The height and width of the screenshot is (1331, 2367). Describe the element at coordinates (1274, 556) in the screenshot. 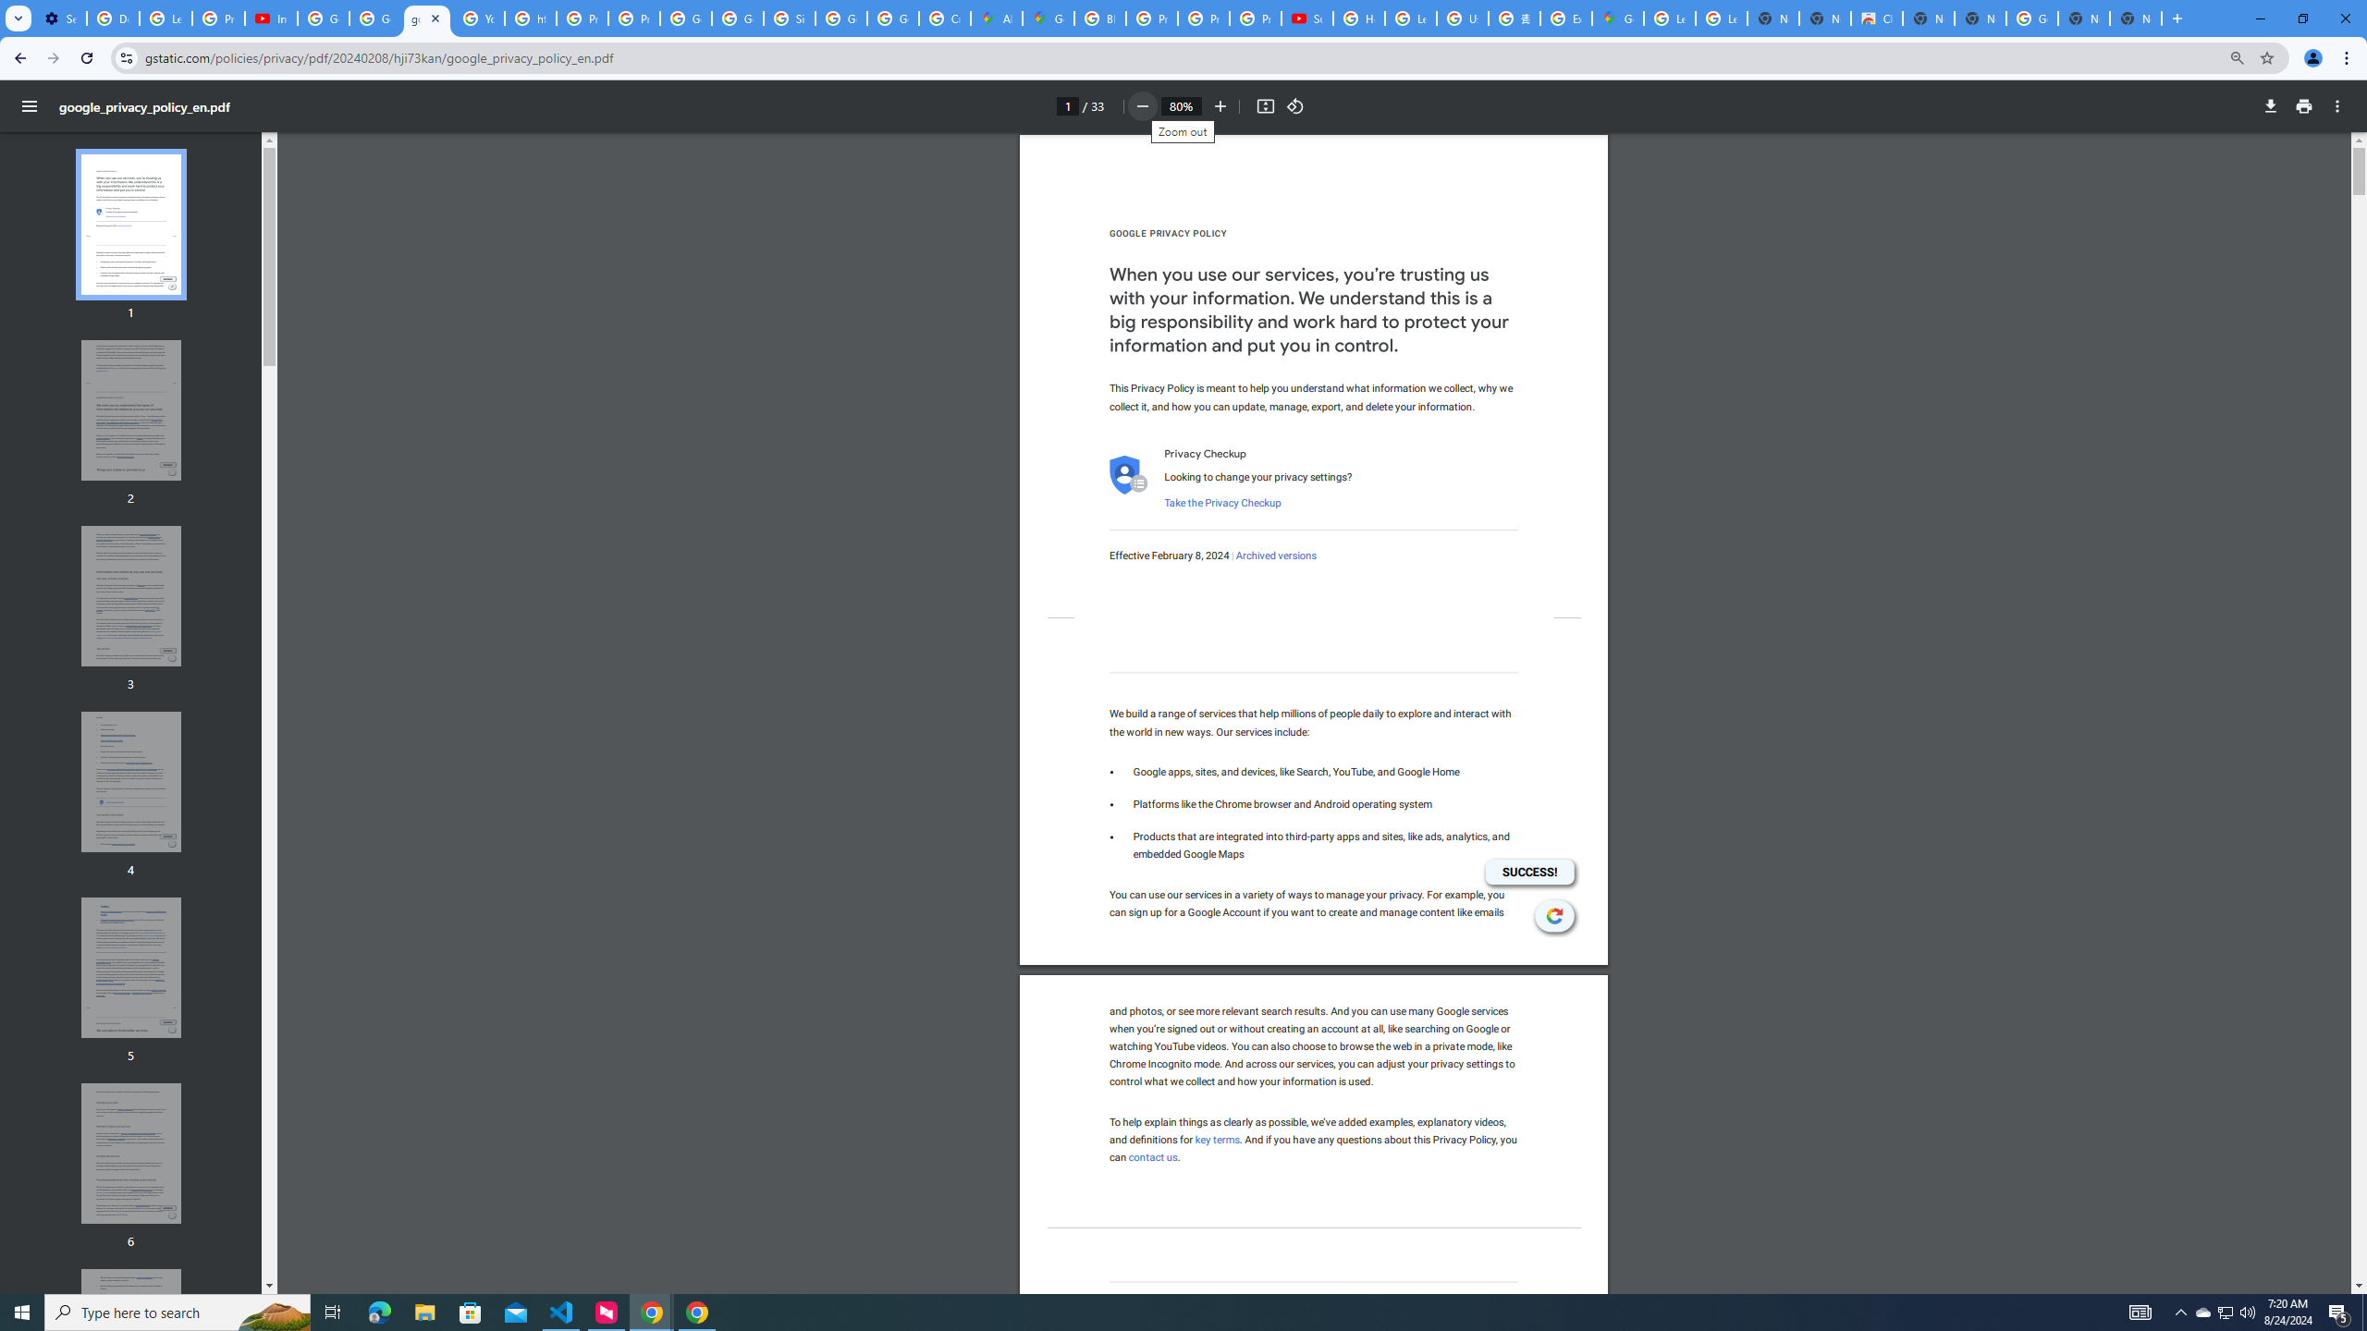

I see `'Archived versions'` at that location.